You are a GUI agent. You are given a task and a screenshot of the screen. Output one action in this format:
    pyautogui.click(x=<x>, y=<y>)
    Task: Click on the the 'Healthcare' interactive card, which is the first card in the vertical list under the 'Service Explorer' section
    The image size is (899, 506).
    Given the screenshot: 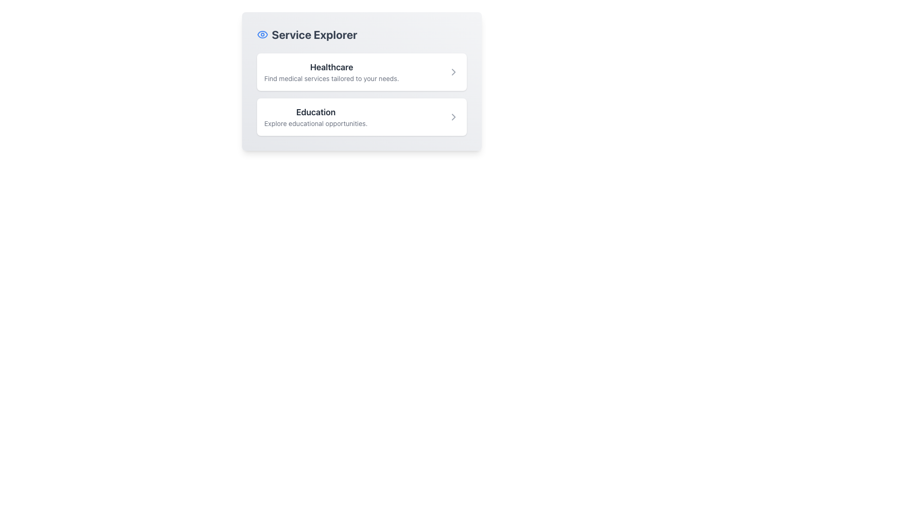 What is the action you would take?
    pyautogui.click(x=361, y=72)
    